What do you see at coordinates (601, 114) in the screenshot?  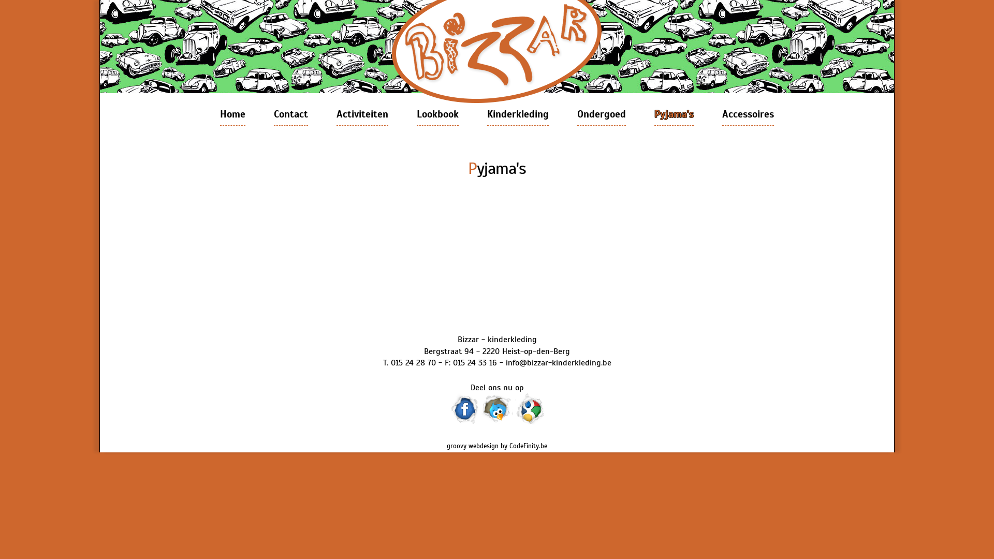 I see `'Ondergoed'` at bounding box center [601, 114].